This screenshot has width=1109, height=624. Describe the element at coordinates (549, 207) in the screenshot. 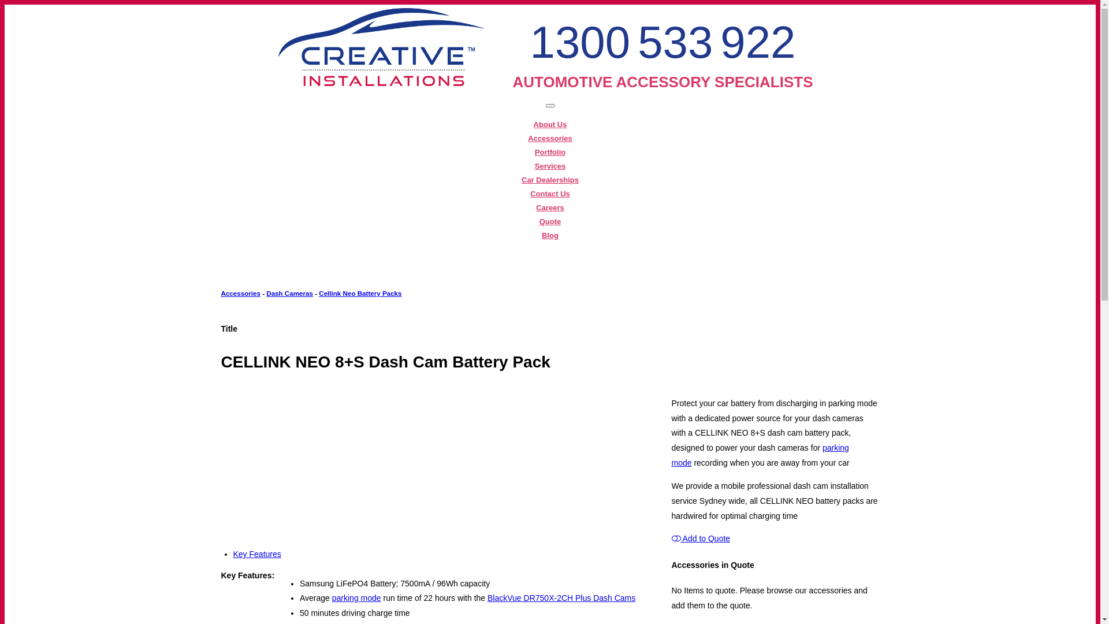

I see `'Careers'` at that location.